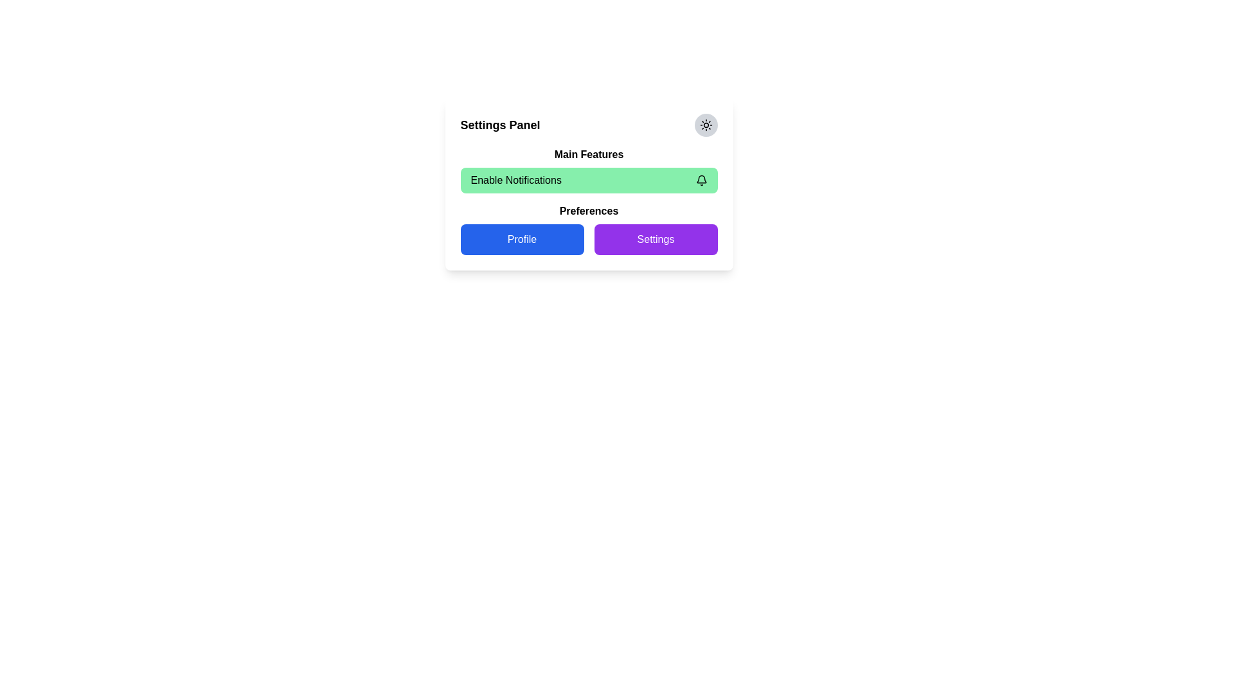 The height and width of the screenshot is (694, 1234). Describe the element at coordinates (701, 179) in the screenshot. I see `the bell-shaped notification icon located on the right side of the 'Enable Notifications' section in the settings panel` at that location.